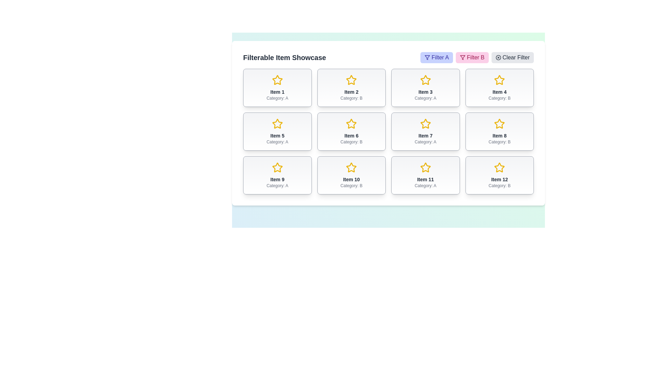 This screenshot has width=666, height=375. What do you see at coordinates (277, 87) in the screenshot?
I see `the first card in the layout grid, which features a yellow star icon and the text 'Item 1' and 'Category: A'` at bounding box center [277, 87].